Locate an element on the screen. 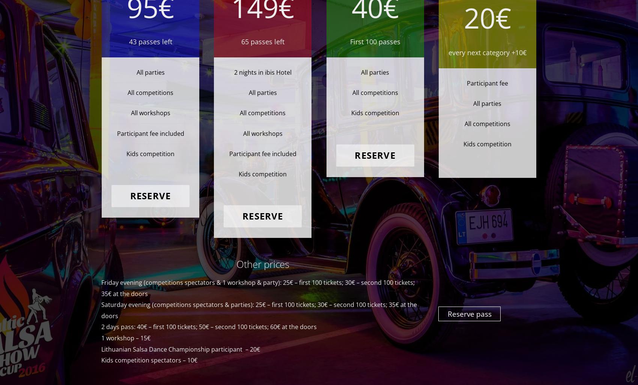 The image size is (638, 385). 'Friday evening (competitions spectators & 1 workshop & party): 25€ – first 100 tickets; 30€ – second 100 tickets; 35€ at the doors' is located at coordinates (258, 288).